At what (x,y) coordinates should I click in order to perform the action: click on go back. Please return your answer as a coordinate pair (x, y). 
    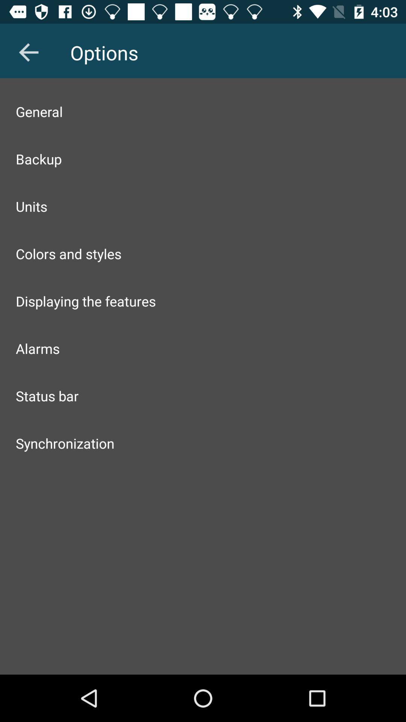
    Looking at the image, I should click on (28, 52).